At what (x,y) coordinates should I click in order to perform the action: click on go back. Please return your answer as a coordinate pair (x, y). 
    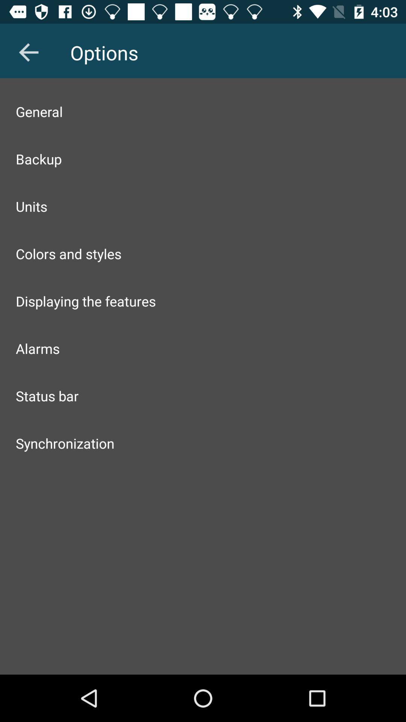
    Looking at the image, I should click on (28, 52).